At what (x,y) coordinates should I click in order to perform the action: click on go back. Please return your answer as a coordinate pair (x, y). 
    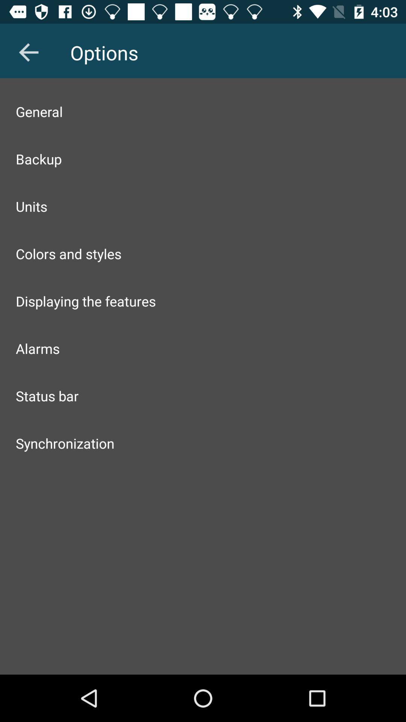
    Looking at the image, I should click on (28, 52).